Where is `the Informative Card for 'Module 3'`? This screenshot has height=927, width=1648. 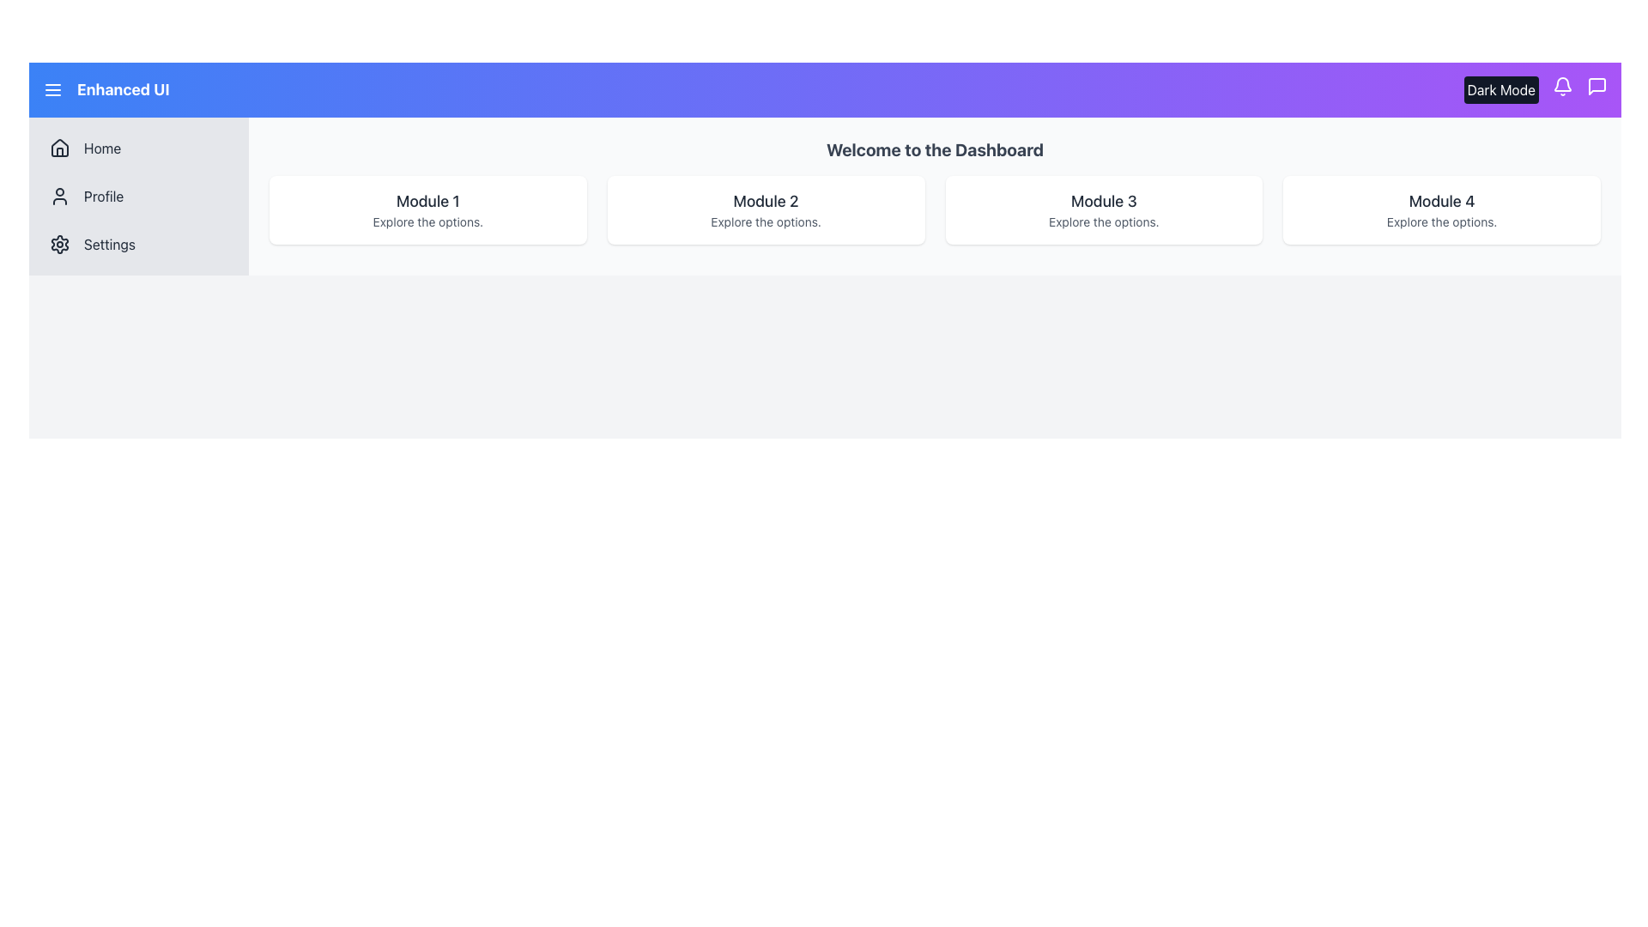 the Informative Card for 'Module 3' is located at coordinates (1104, 209).